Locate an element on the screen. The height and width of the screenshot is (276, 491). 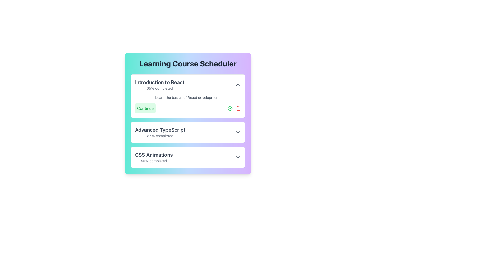
the interactive summary entry for the 'CSS Animations' course, located in the third section under 'Learning Course Scheduler' is located at coordinates (187, 157).